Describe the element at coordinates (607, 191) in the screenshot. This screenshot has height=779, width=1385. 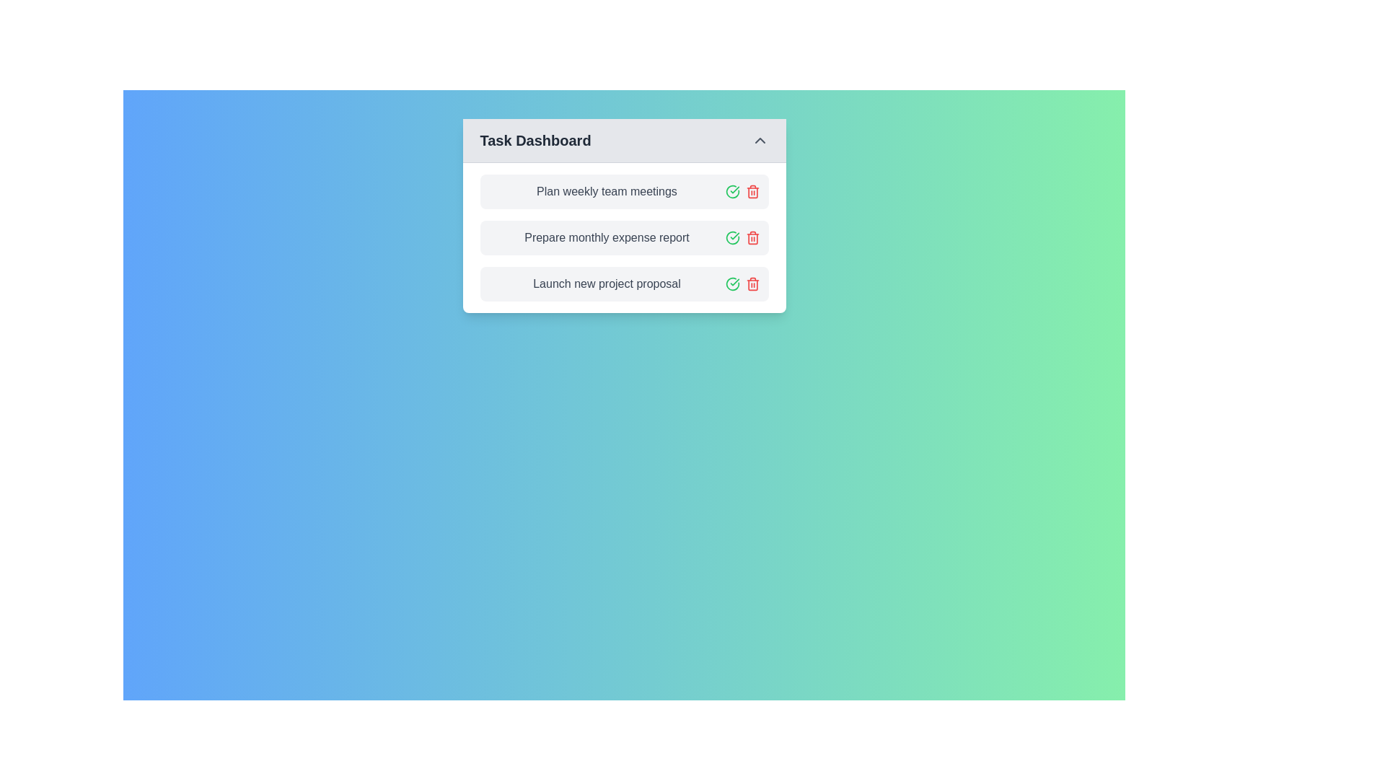
I see `the text label indicating the task titled 'Plan weekly team meetings.' This label is the first item in a list of tasks in the task dashboard` at that location.